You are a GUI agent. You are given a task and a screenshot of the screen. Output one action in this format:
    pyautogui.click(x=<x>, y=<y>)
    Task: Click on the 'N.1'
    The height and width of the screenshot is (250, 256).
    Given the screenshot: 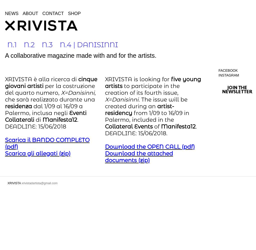 What is the action you would take?
    pyautogui.click(x=12, y=45)
    